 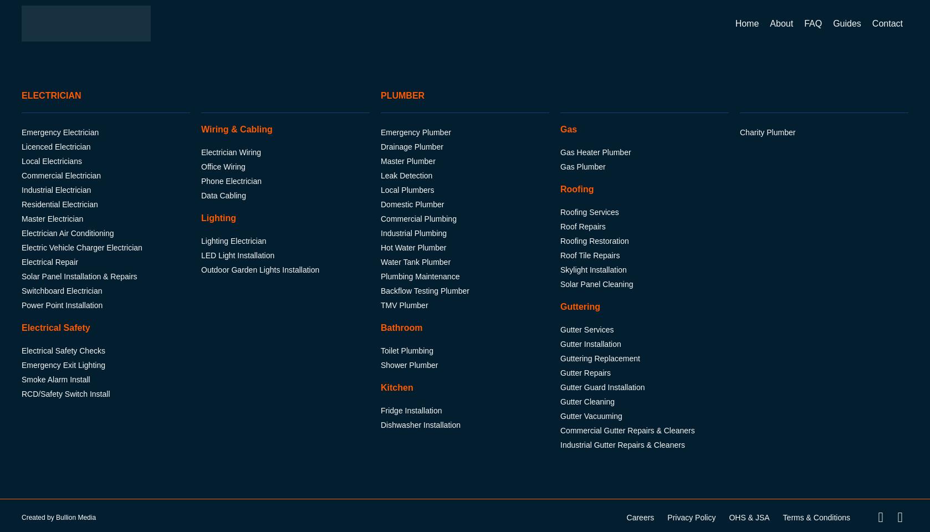 What do you see at coordinates (201, 166) in the screenshot?
I see `'Office Wiring'` at bounding box center [201, 166].